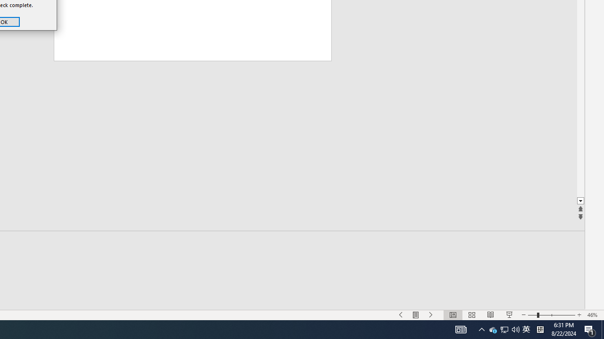 This screenshot has width=604, height=339. What do you see at coordinates (431, 315) in the screenshot?
I see `'Slide Show Next On'` at bounding box center [431, 315].